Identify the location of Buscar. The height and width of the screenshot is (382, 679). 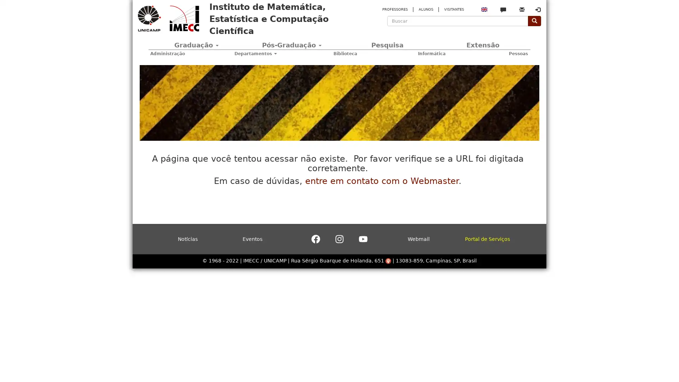
(390, 31).